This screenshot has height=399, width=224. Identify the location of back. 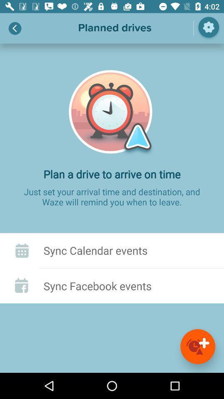
(15, 28).